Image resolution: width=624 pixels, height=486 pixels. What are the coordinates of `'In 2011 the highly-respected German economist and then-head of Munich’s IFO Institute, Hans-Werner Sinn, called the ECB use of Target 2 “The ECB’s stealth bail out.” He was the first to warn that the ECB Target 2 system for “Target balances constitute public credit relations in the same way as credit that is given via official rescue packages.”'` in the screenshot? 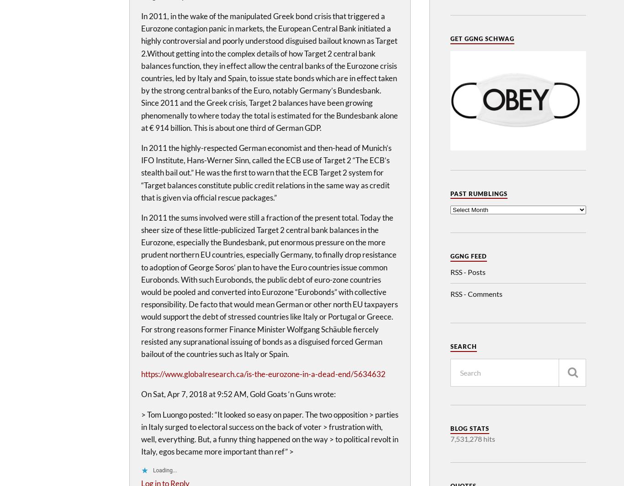 It's located at (141, 172).